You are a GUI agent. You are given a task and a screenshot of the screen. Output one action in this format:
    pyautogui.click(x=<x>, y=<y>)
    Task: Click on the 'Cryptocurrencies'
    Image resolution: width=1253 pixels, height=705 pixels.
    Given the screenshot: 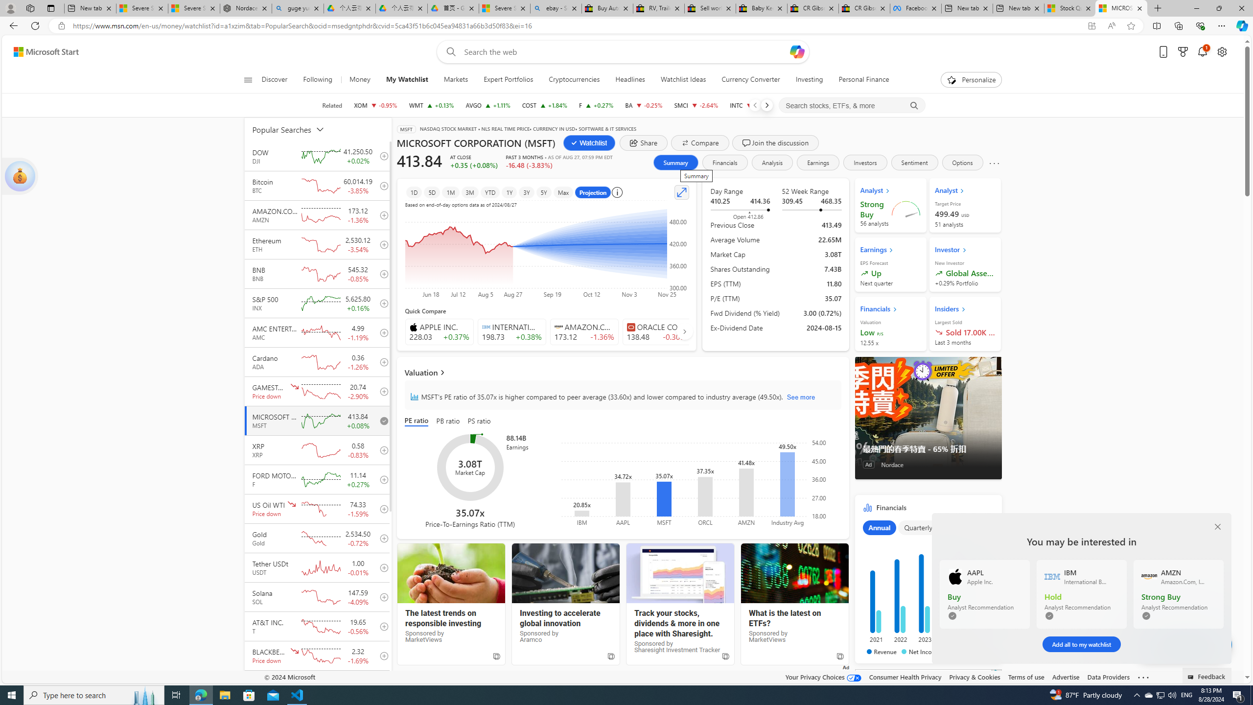 What is the action you would take?
    pyautogui.click(x=574, y=79)
    